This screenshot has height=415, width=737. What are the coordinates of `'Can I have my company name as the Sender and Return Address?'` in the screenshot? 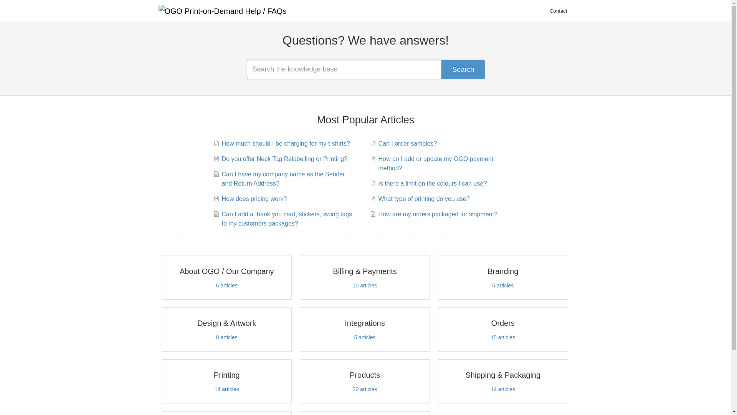 It's located at (287, 179).